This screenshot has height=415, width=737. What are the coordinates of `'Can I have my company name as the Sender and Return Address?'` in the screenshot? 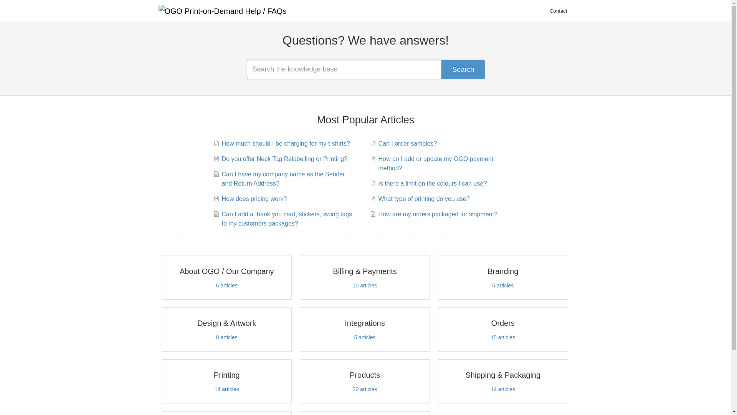 It's located at (287, 179).